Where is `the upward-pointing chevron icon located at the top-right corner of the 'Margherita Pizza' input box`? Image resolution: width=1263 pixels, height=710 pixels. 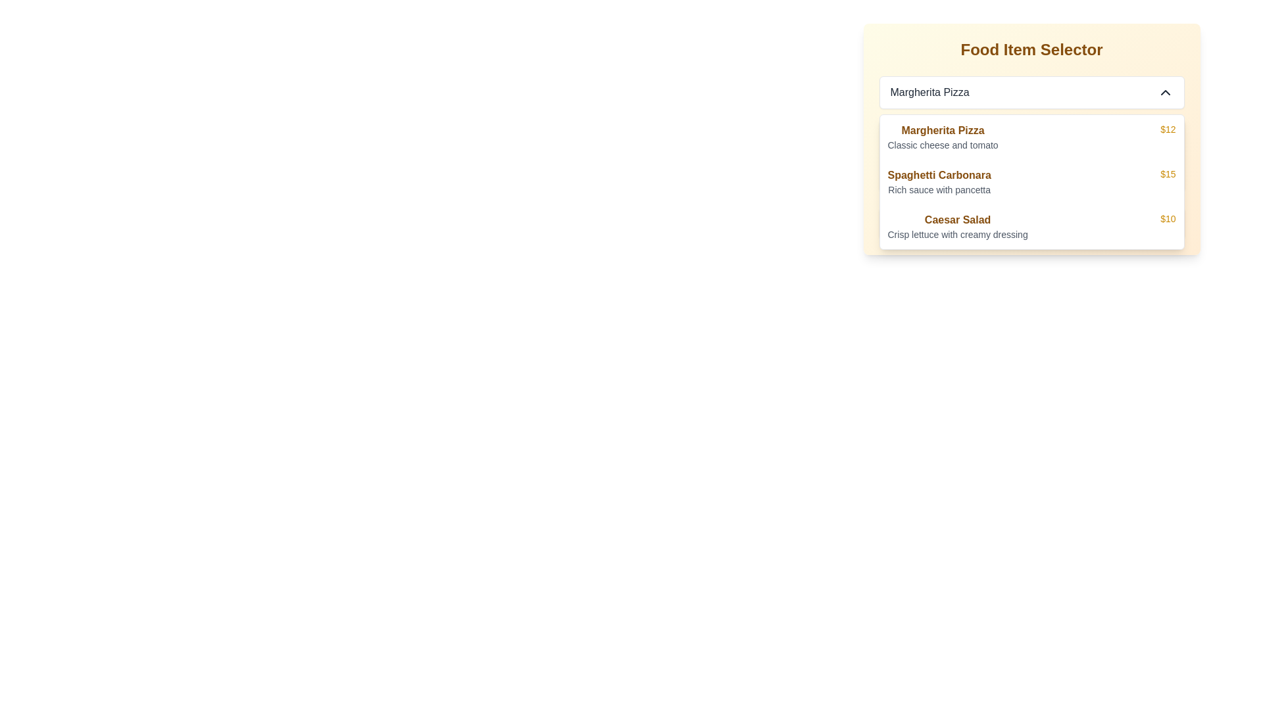 the upward-pointing chevron icon located at the top-right corner of the 'Margherita Pizza' input box is located at coordinates (1165, 92).